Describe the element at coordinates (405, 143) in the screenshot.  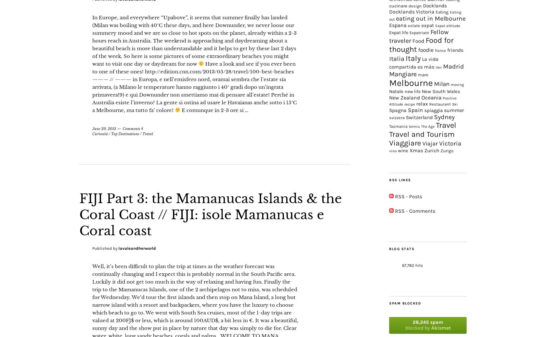
I see `'Viaggiare'` at that location.